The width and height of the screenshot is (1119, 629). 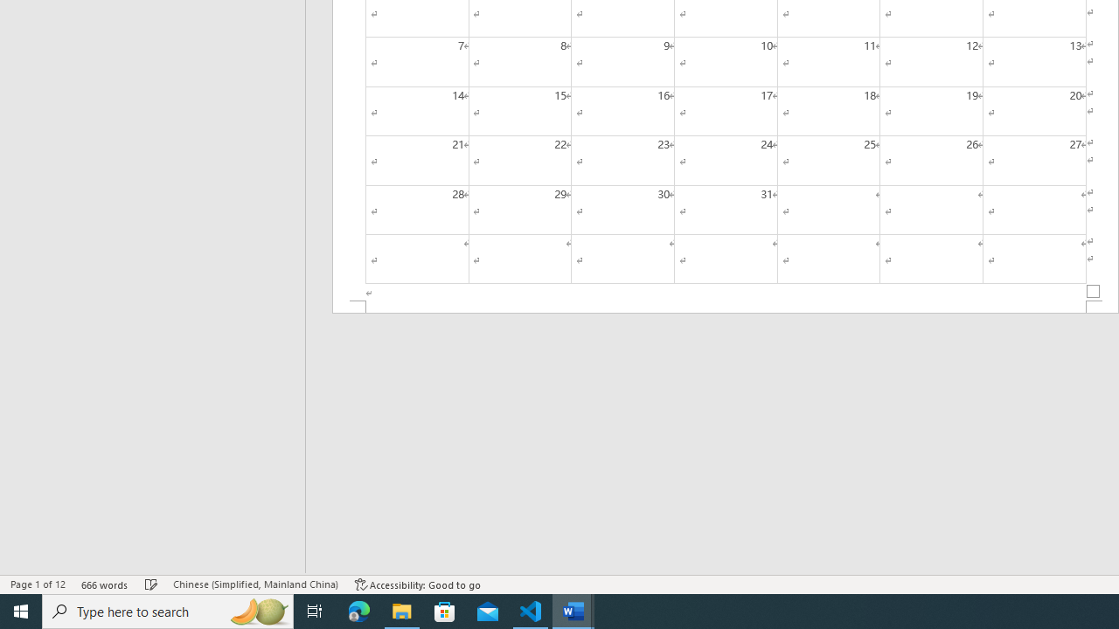 I want to click on 'Word - 2 running windows', so click(x=573, y=610).